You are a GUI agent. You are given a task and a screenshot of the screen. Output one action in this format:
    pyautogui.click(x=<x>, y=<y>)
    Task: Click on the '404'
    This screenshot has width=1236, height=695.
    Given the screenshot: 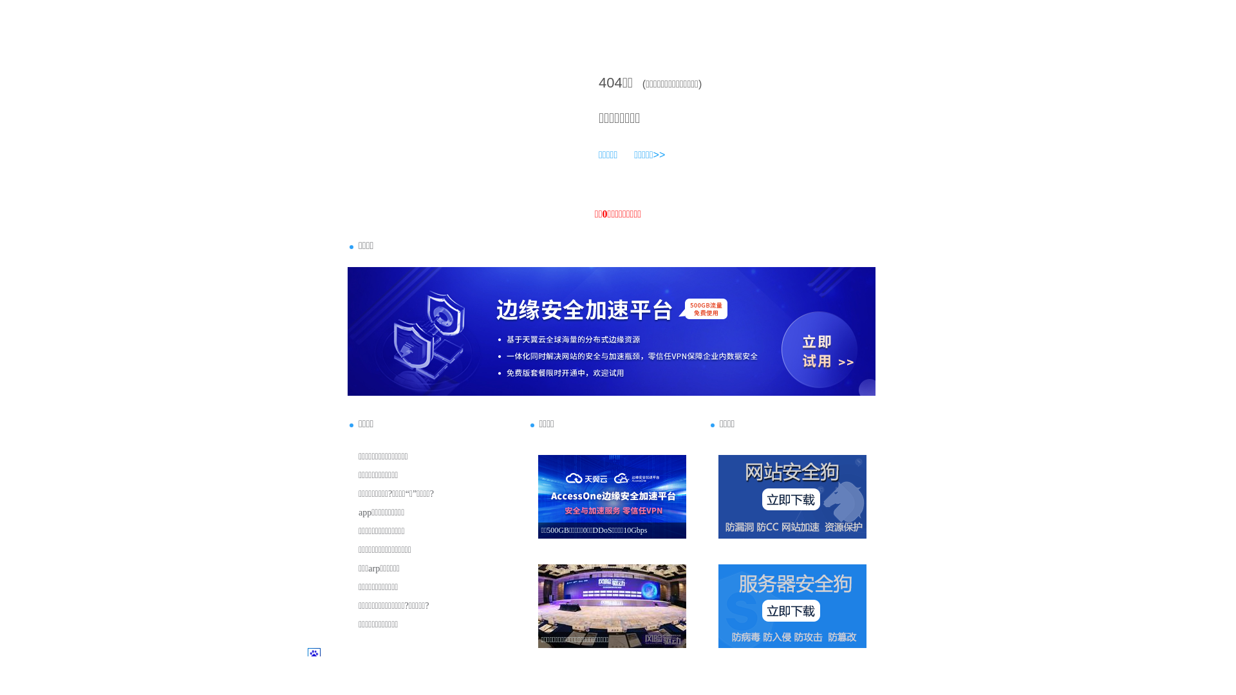 What is the action you would take?
    pyautogui.click(x=610, y=82)
    